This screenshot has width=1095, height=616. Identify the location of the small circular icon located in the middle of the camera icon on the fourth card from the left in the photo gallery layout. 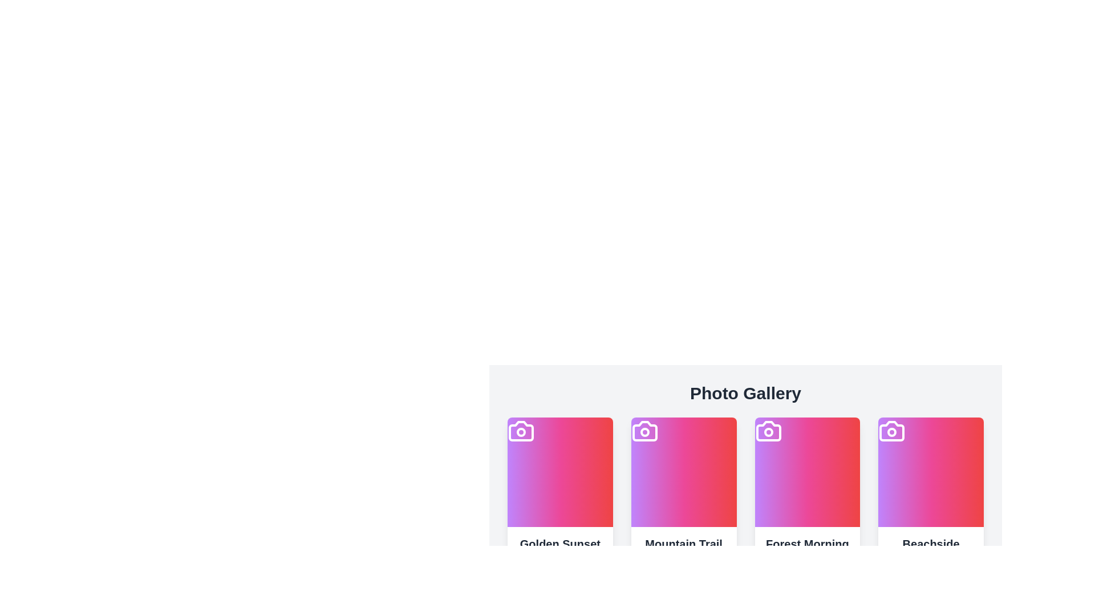
(891, 432).